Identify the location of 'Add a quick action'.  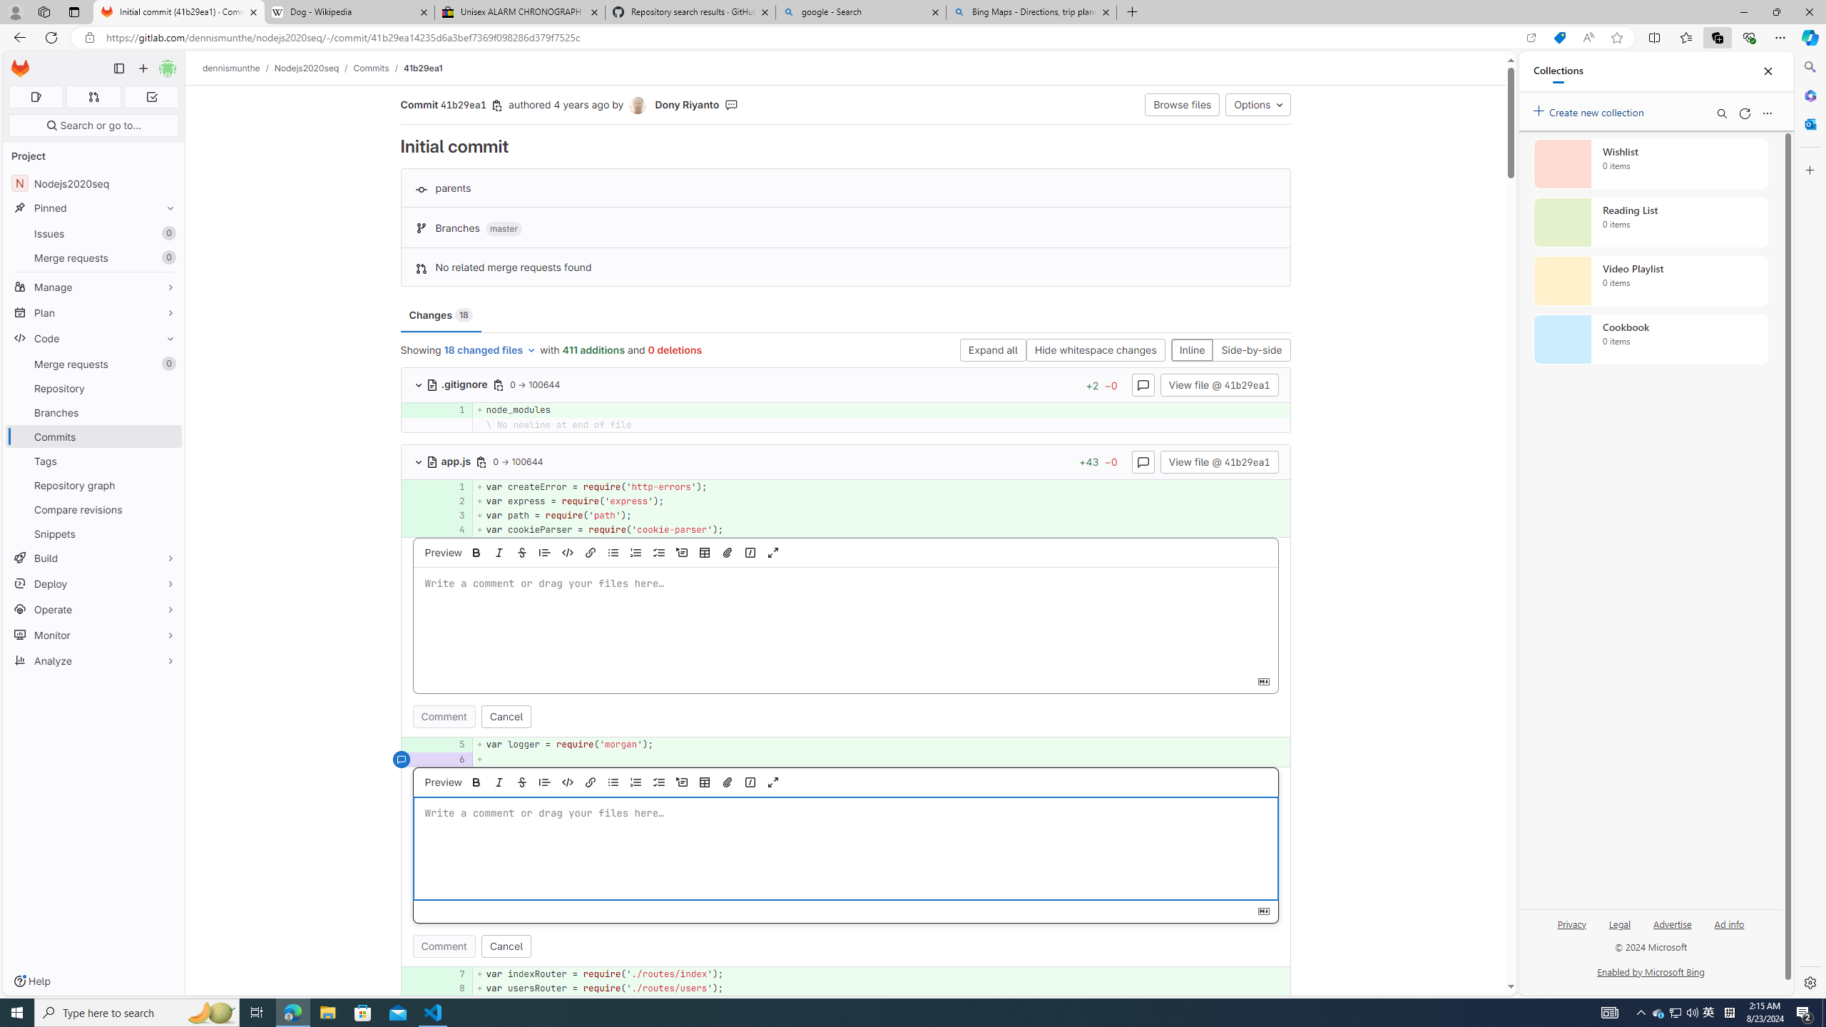
(750, 781).